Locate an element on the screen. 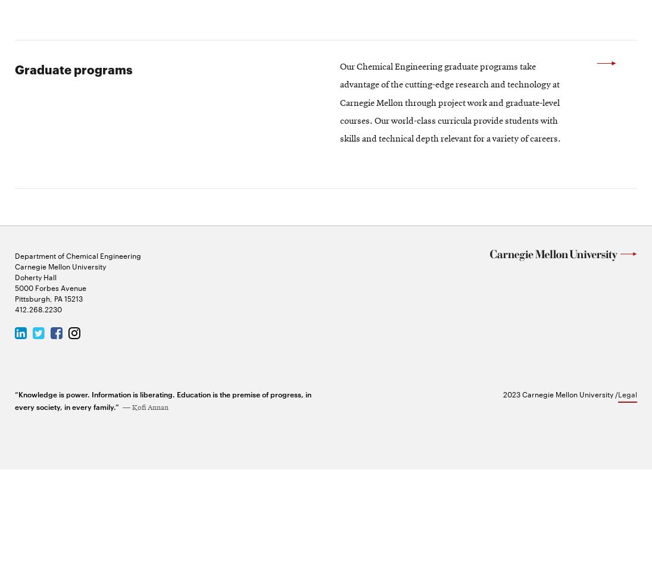 This screenshot has width=652, height=561. 'Graduate programs' is located at coordinates (73, 137).